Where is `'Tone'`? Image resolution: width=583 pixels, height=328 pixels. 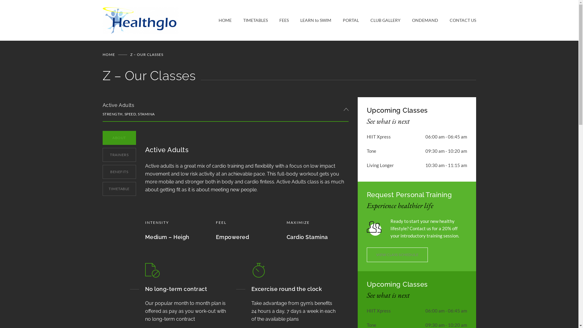 'Tone' is located at coordinates (371, 151).